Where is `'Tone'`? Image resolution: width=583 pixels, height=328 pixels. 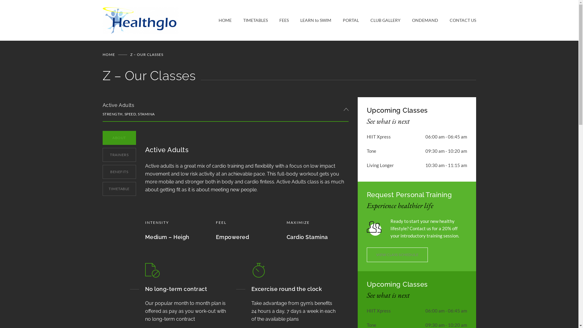 'Tone' is located at coordinates (371, 151).